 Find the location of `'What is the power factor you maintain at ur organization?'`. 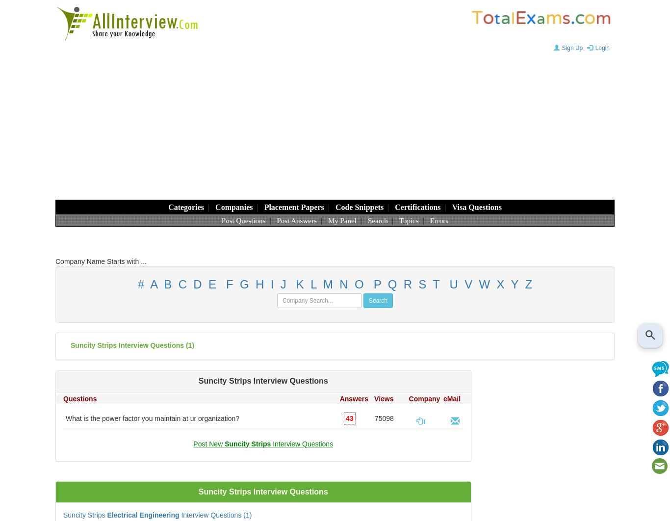

'What is the power factor you maintain at ur organization?' is located at coordinates (65, 417).